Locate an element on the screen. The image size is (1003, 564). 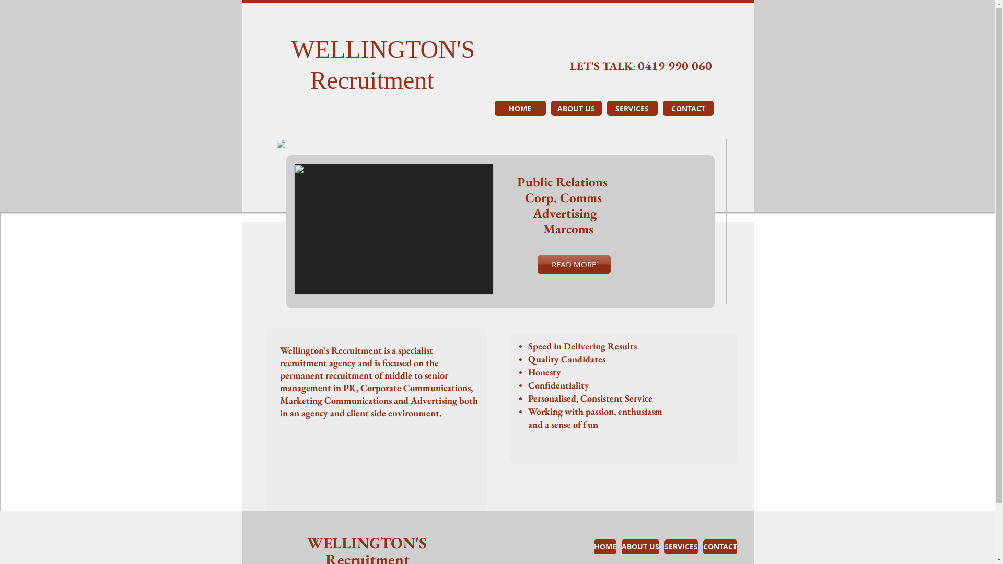
'ABOUT US' is located at coordinates (575, 108).